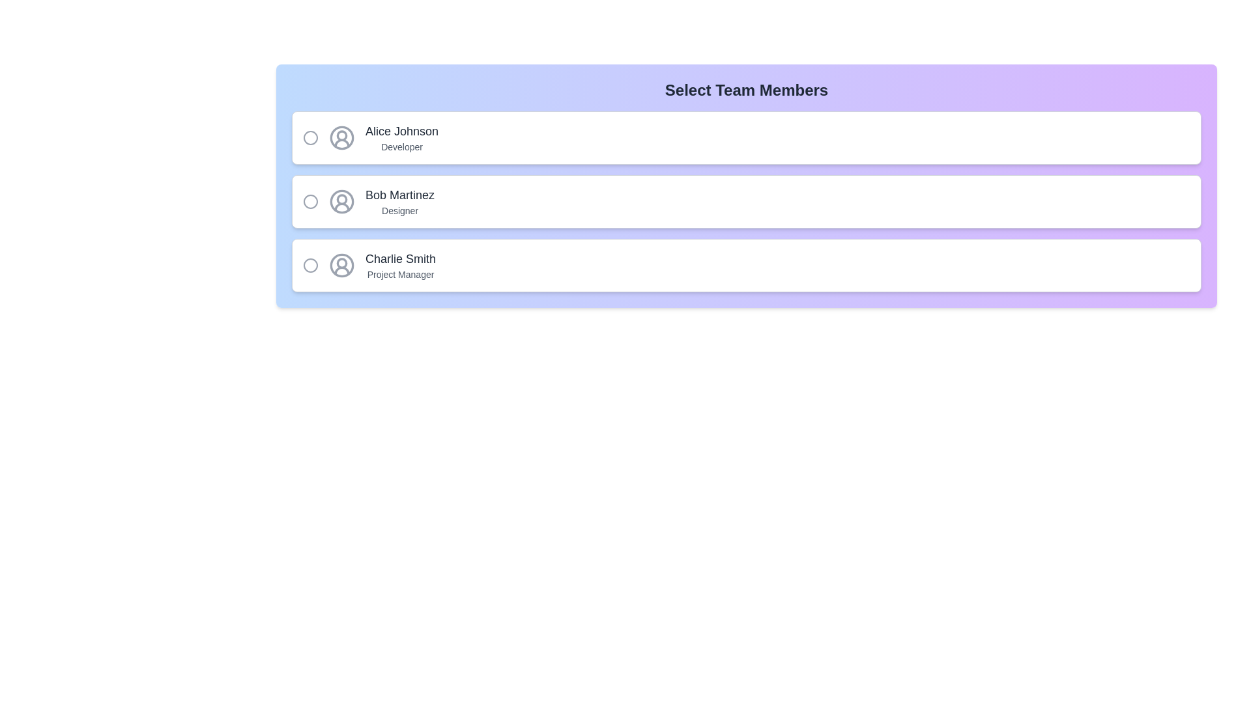 The image size is (1251, 703). Describe the element at coordinates (309, 201) in the screenshot. I see `the radio button for 'Bob Martinez - Designer'` at that location.